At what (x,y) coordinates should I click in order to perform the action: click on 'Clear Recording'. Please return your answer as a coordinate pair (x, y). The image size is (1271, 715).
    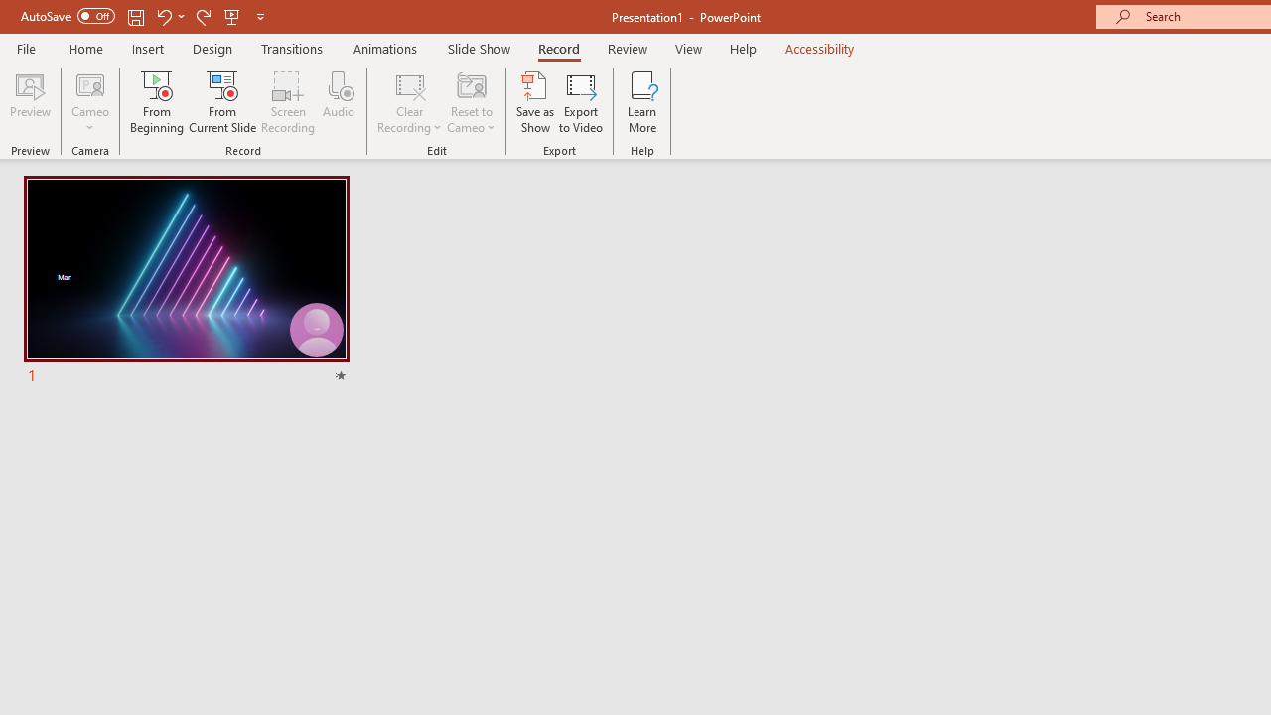
    Looking at the image, I should click on (408, 102).